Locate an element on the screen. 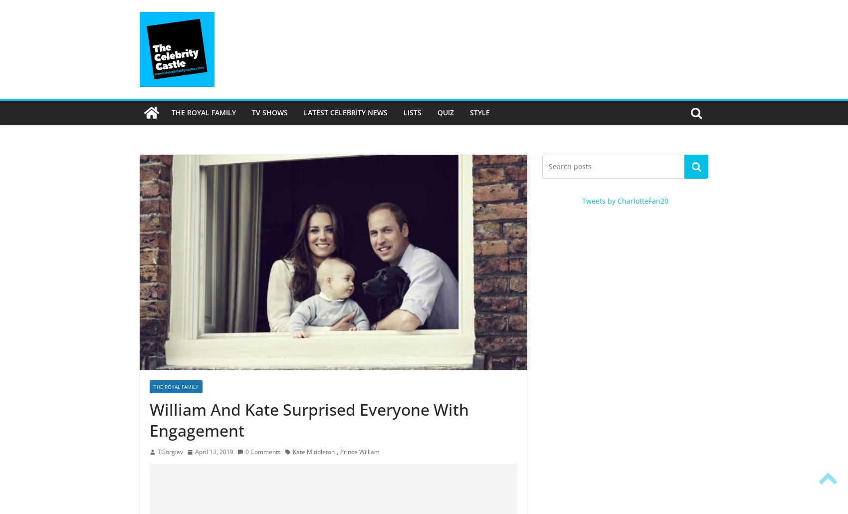 This screenshot has width=848, height=514. '0 Comments' is located at coordinates (263, 452).